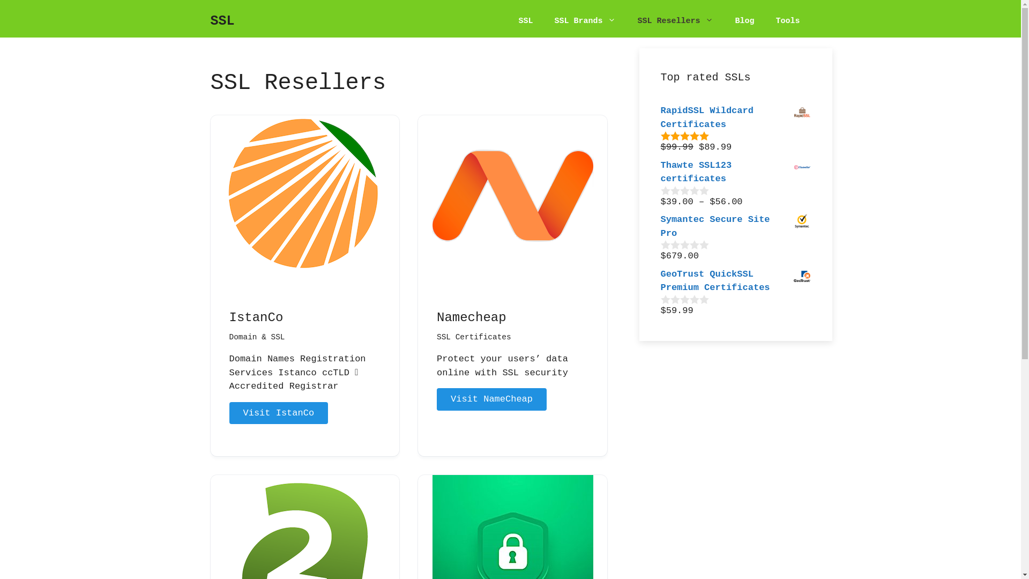 This screenshot has width=1029, height=579. I want to click on 'SSL Resellers', so click(674, 21).